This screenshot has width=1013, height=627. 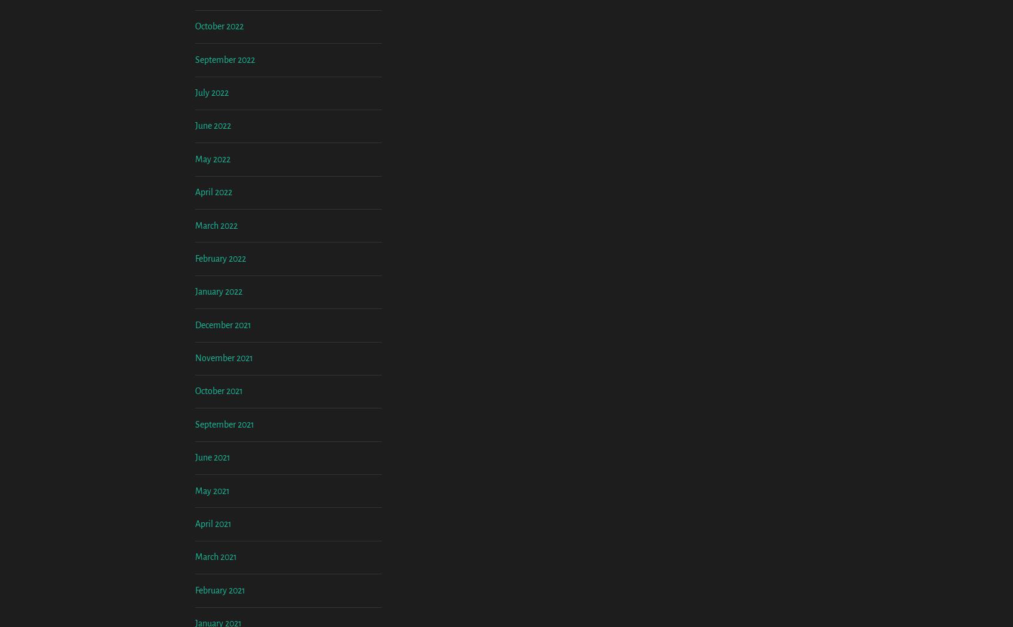 What do you see at coordinates (195, 158) in the screenshot?
I see `'September 2022'` at bounding box center [195, 158].